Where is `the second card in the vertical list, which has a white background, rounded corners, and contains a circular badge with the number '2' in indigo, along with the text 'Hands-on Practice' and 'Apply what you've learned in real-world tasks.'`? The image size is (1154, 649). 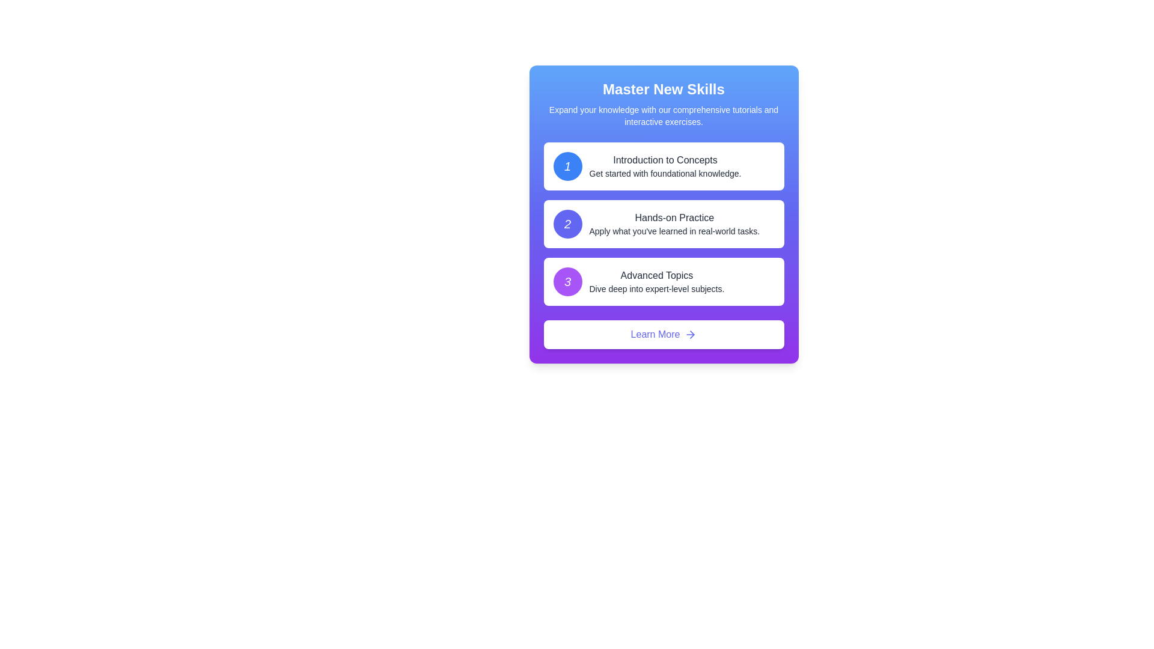
the second card in the vertical list, which has a white background, rounded corners, and contains a circular badge with the number '2' in indigo, along with the text 'Hands-on Practice' and 'Apply what you've learned in real-world tasks.' is located at coordinates (663, 224).